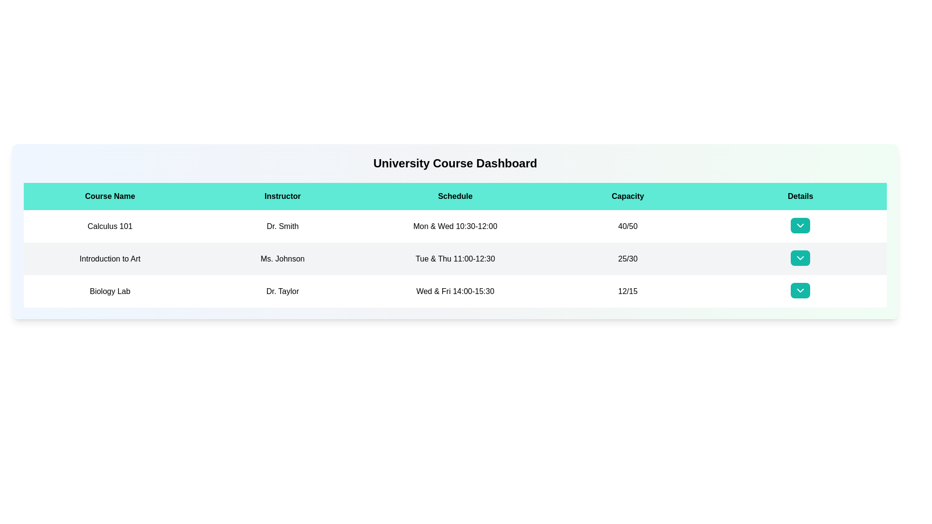 The width and height of the screenshot is (932, 524). I want to click on text label displaying the instructor's name 'Ms. Johnson', located in the second cell of the second row under the 'Instructor' column of the course 'Introduction to Art', so click(282, 258).